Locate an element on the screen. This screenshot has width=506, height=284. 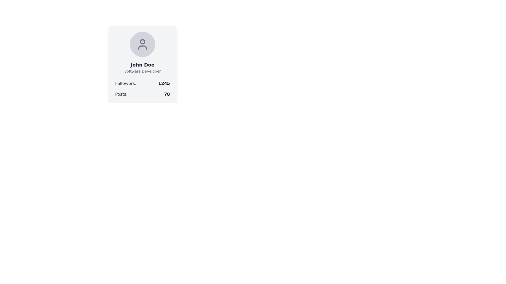
the user profile icon located at the center of the rounded rectangle card, positioned above the text 'John Doe' is located at coordinates (143, 44).